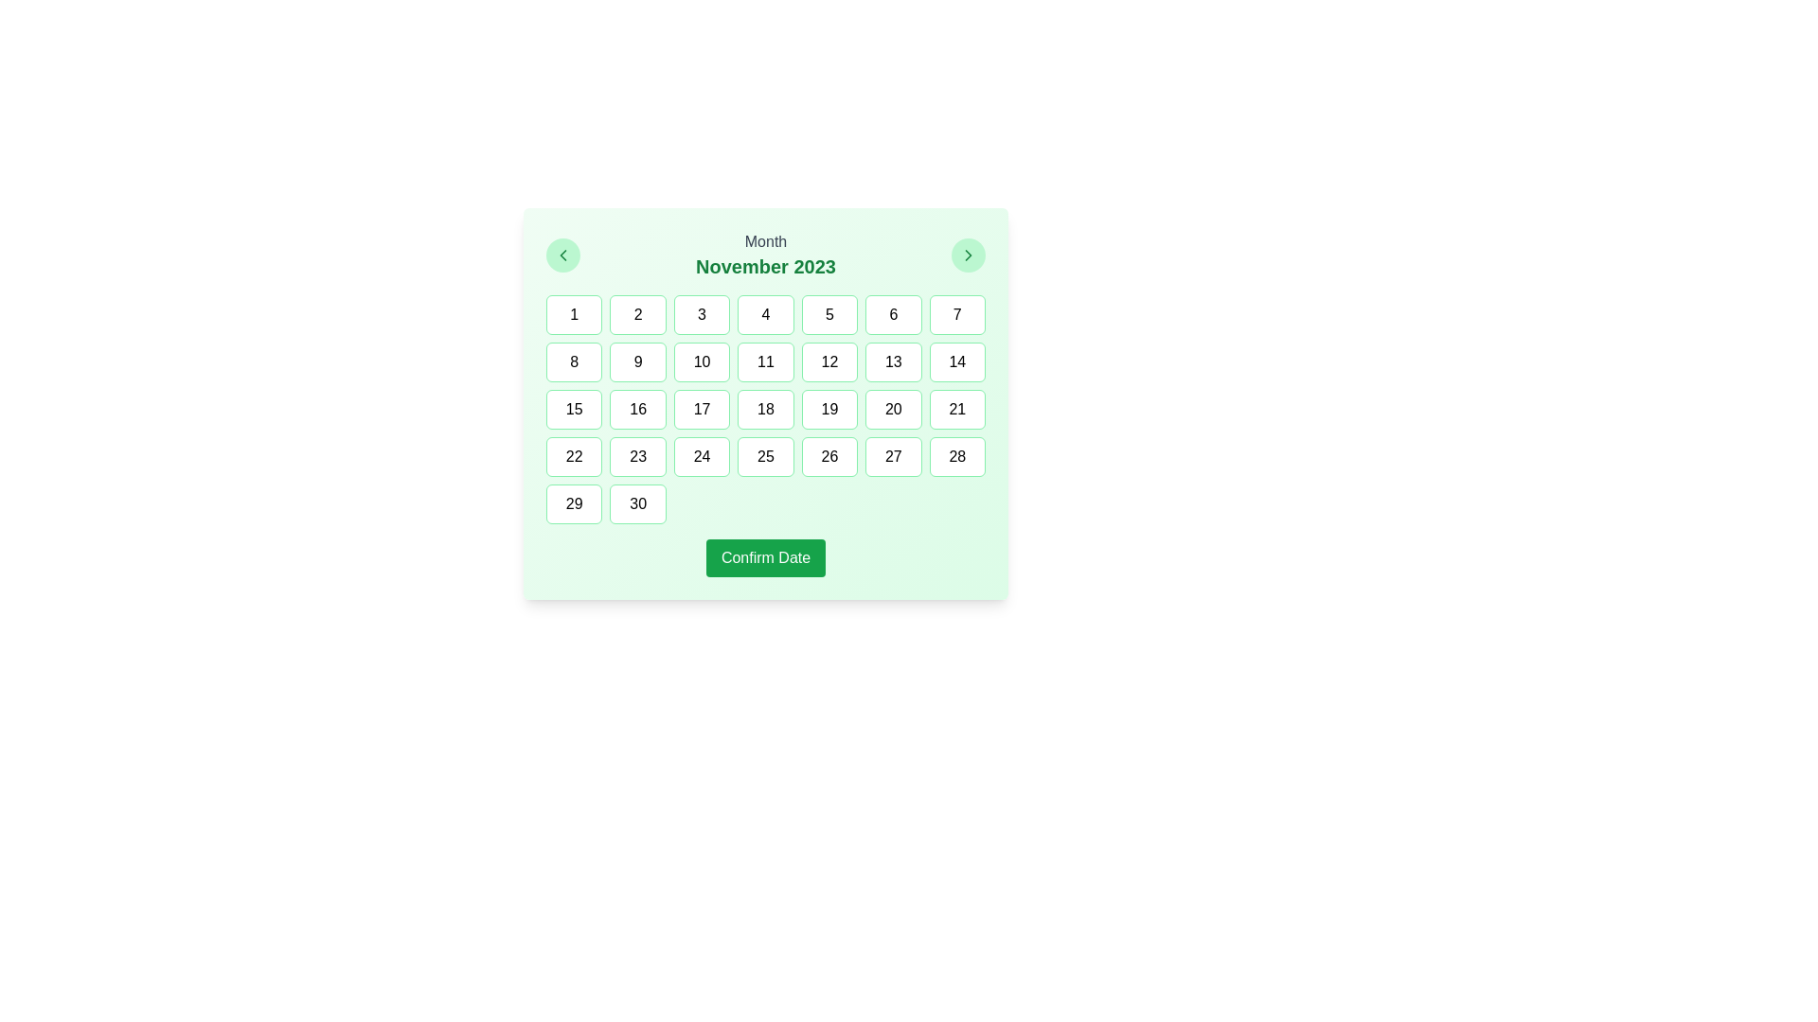 This screenshot has width=1818, height=1022. What do you see at coordinates (573, 361) in the screenshot?
I see `the button representing the eighth day of the month in the date selection calendar` at bounding box center [573, 361].